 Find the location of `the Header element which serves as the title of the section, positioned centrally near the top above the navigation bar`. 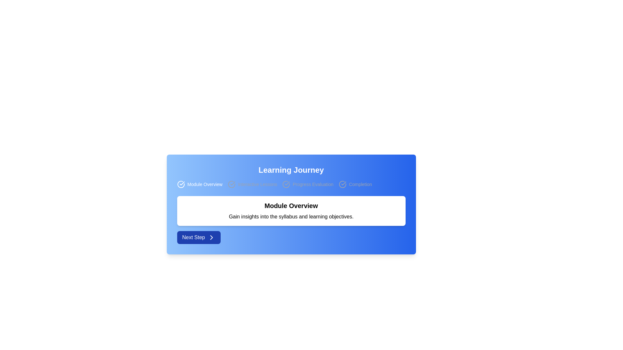

the Header element which serves as the title of the section, positioned centrally near the top above the navigation bar is located at coordinates (291, 169).